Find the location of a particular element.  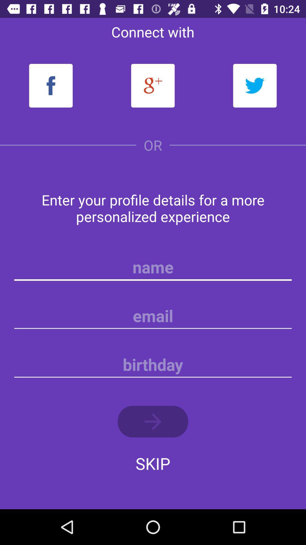

a note is located at coordinates (153, 364).